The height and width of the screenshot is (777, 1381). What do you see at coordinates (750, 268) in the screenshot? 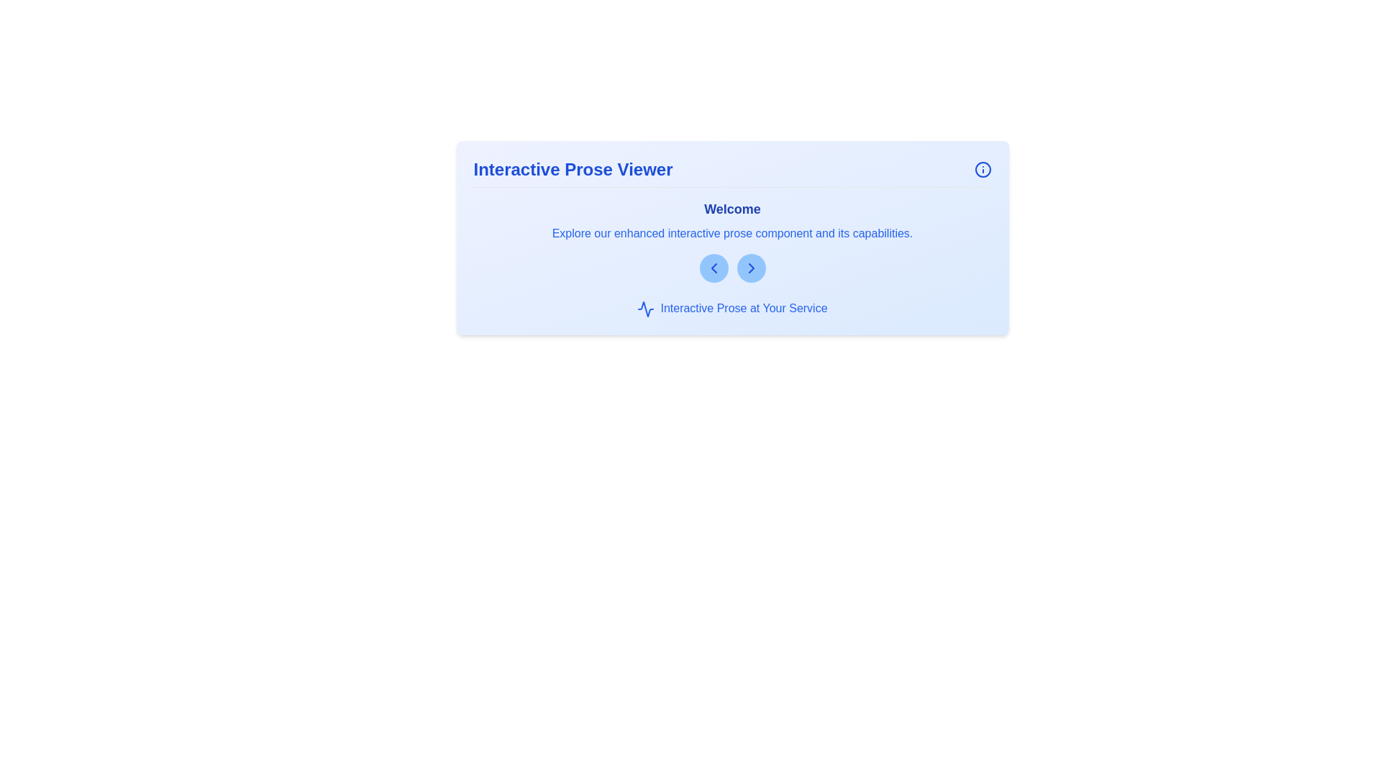
I see `the Chevron Right icon located at the bottom center of the card to trigger additional effects` at bounding box center [750, 268].